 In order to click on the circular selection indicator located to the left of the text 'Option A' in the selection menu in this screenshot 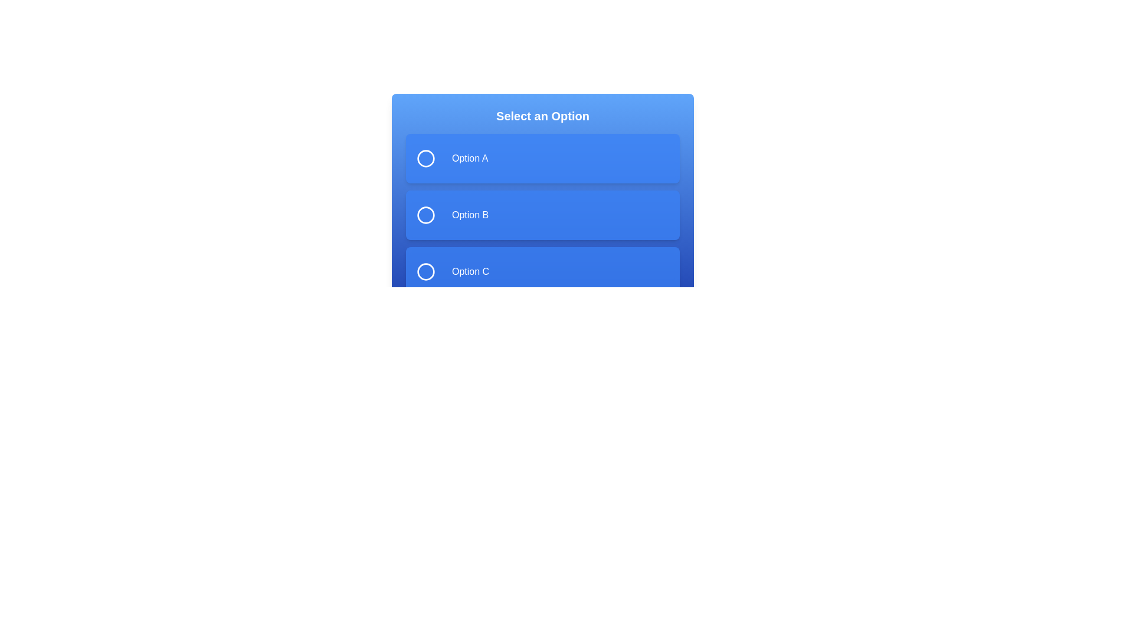, I will do `click(425, 158)`.